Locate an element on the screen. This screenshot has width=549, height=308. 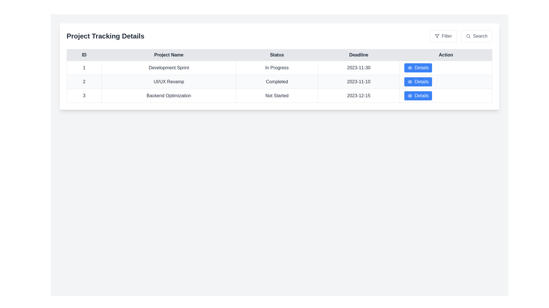
the static text label that serves as the numeric identifier for the 'UI/UX Revamp' project in the first column of the second row within the 'Project Tracking Details' table is located at coordinates (84, 82).